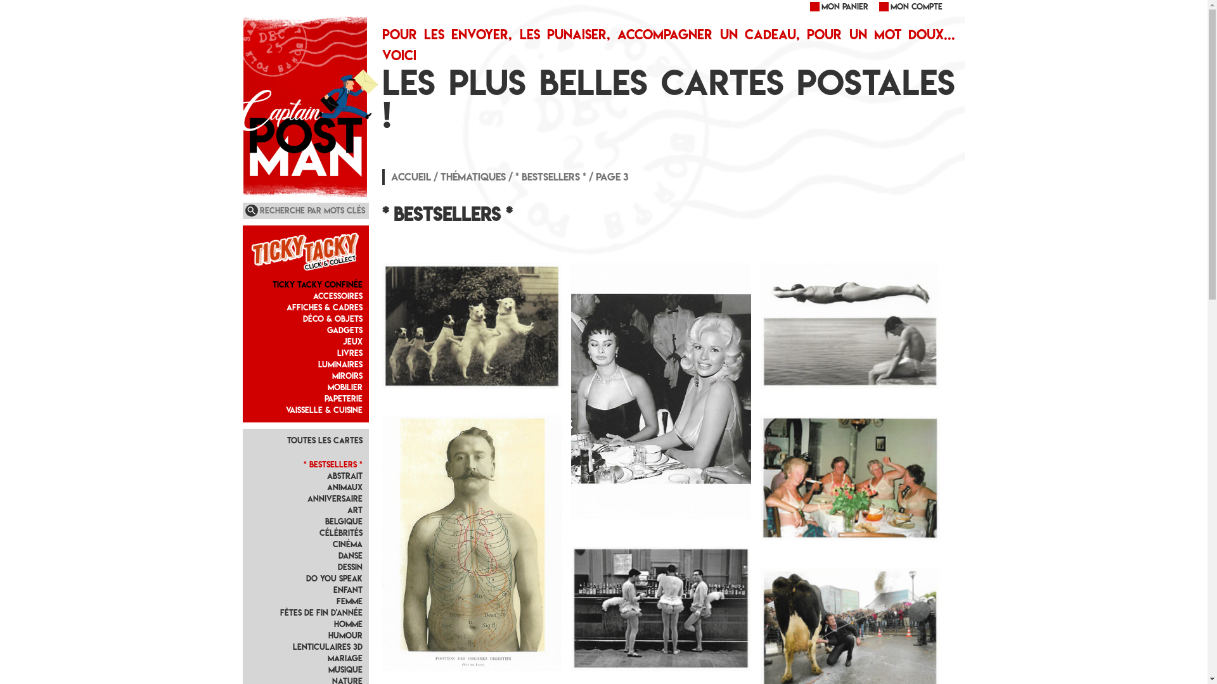 The width and height of the screenshot is (1217, 684). Describe the element at coordinates (242, 42) in the screenshot. I see `'Captain postman Belgique'` at that location.